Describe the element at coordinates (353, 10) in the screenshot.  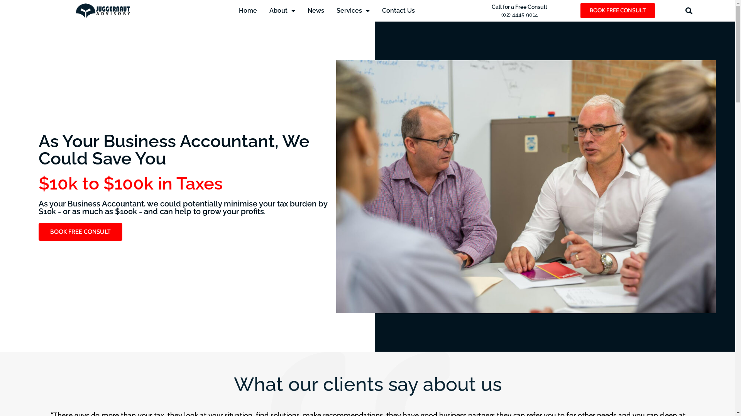
I see `'Services'` at that location.